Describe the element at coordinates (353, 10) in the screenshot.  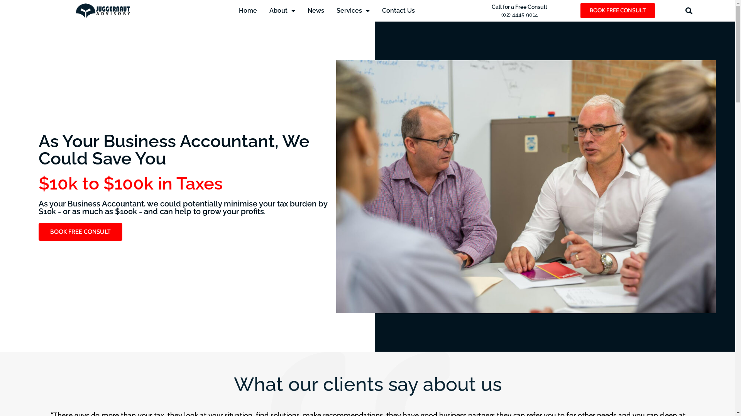
I see `'Services'` at that location.